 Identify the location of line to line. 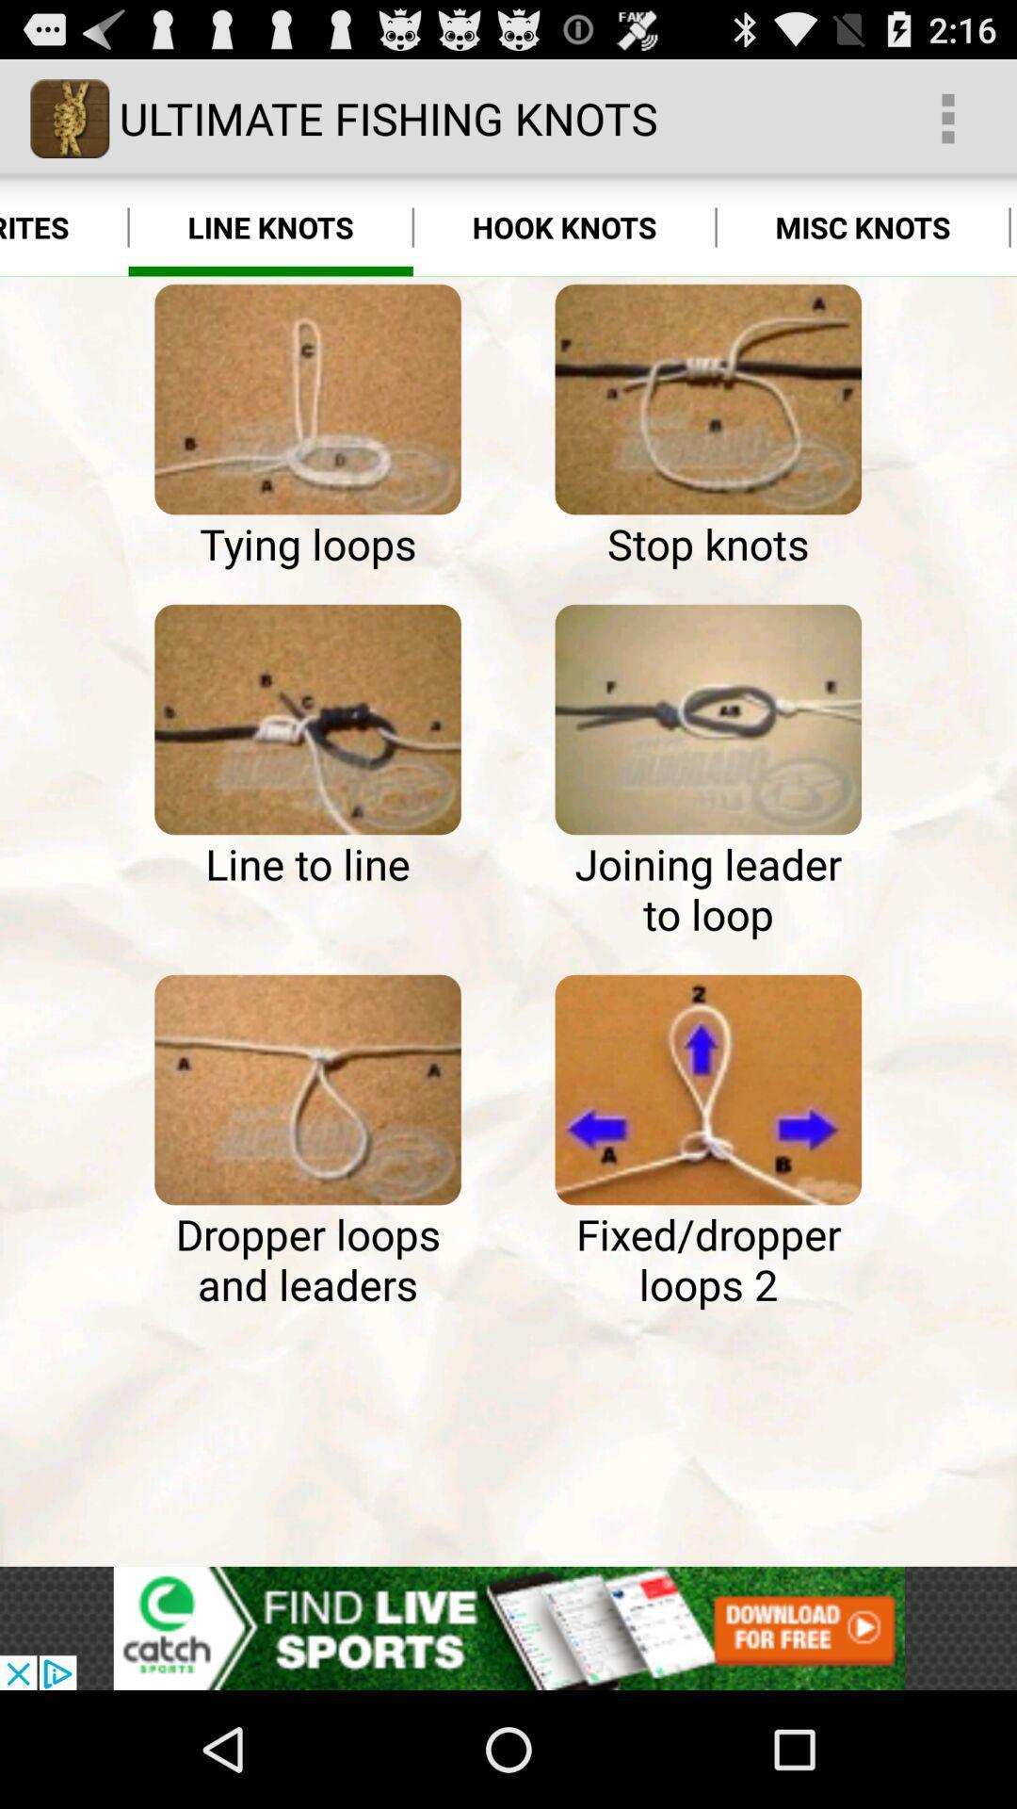
(307, 718).